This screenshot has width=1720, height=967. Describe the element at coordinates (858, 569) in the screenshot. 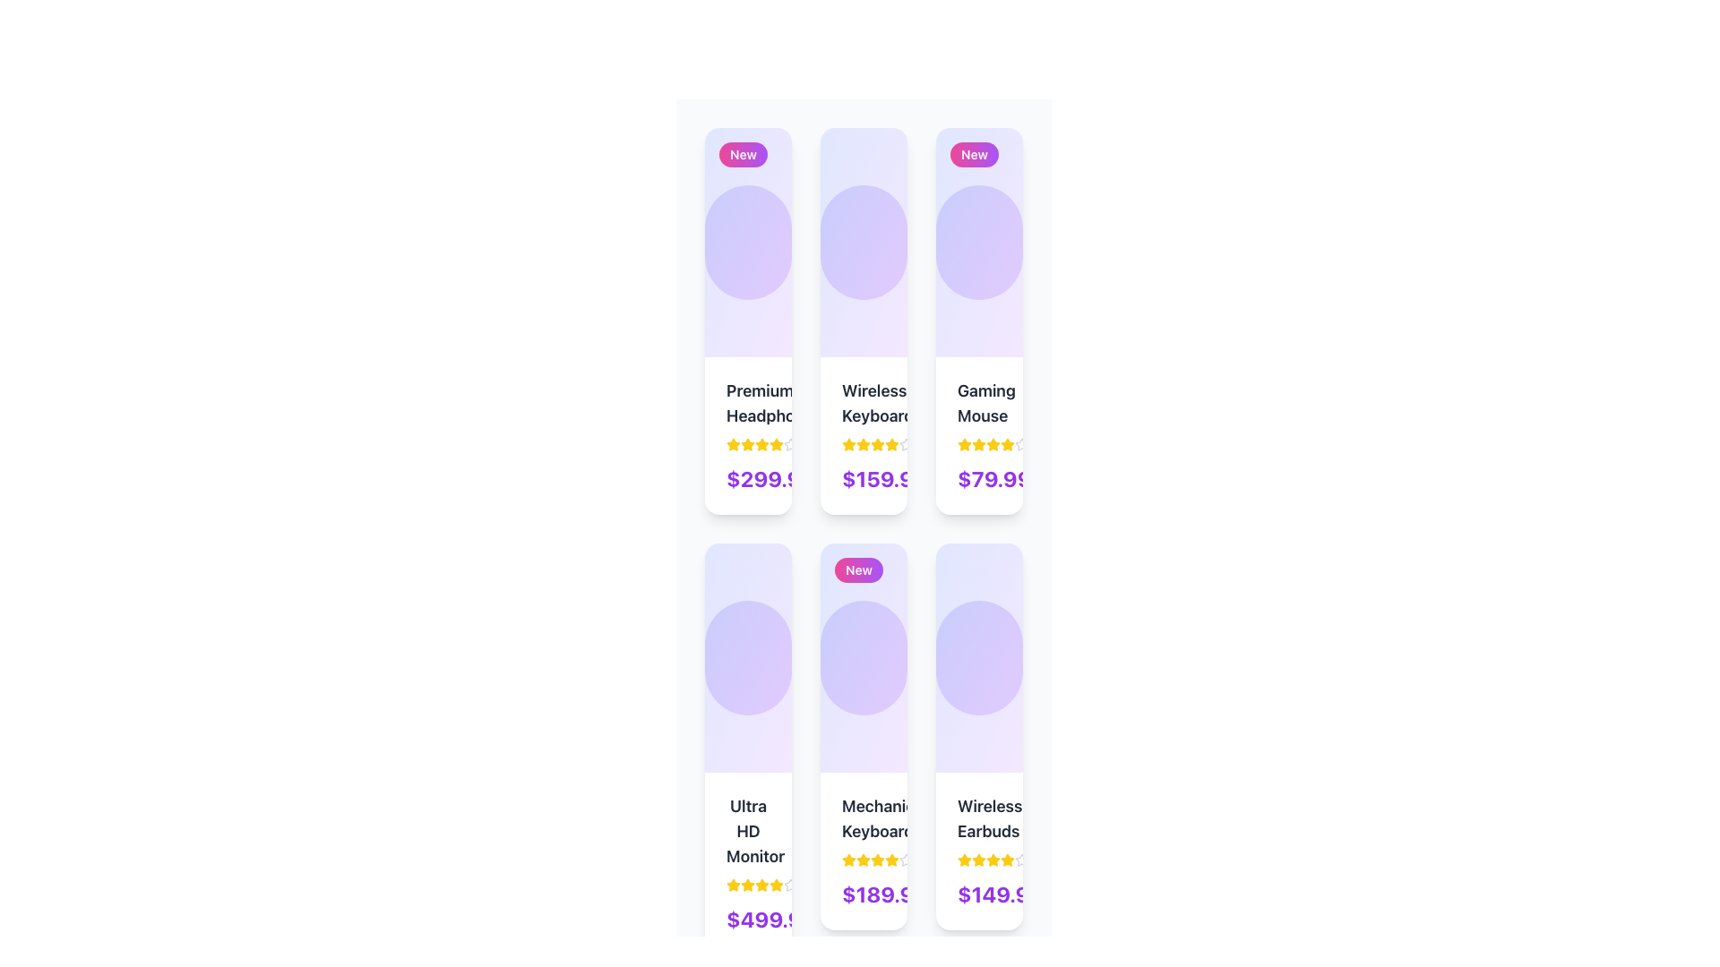

I see `the 'New' badge, which is a rounded rectangle with a pink to purple gradient background, located in the top-left corner of the central product card in the second row of the grid layout` at that location.